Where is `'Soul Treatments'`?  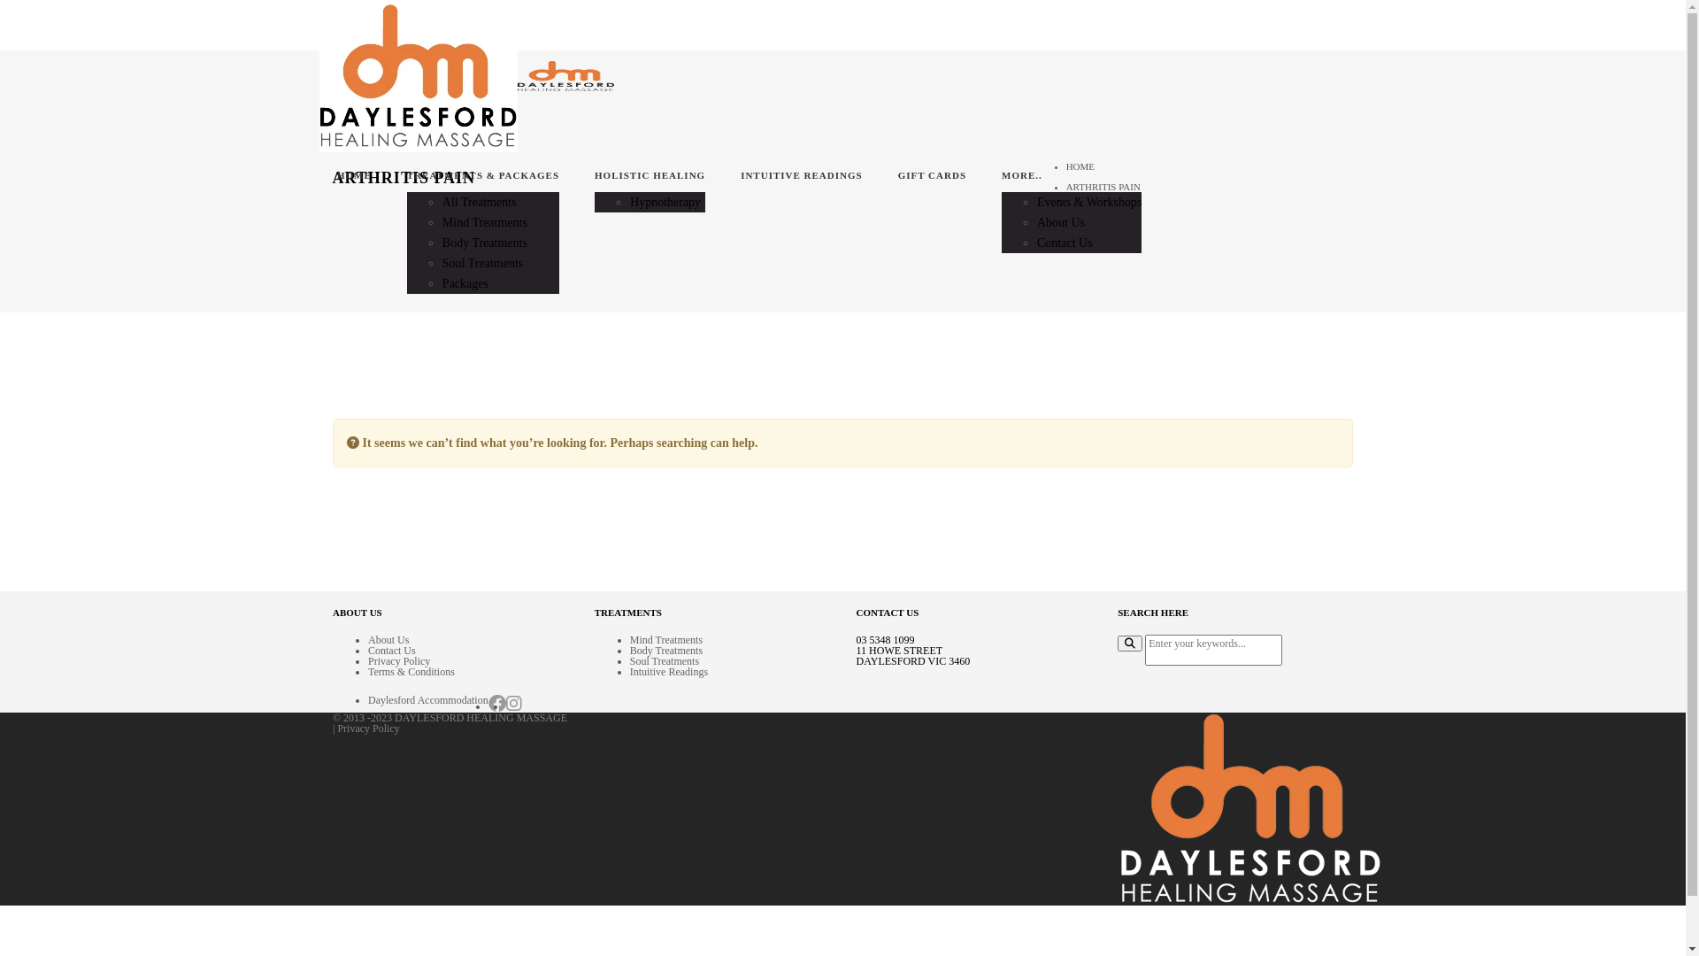 'Soul Treatments' is located at coordinates (482, 263).